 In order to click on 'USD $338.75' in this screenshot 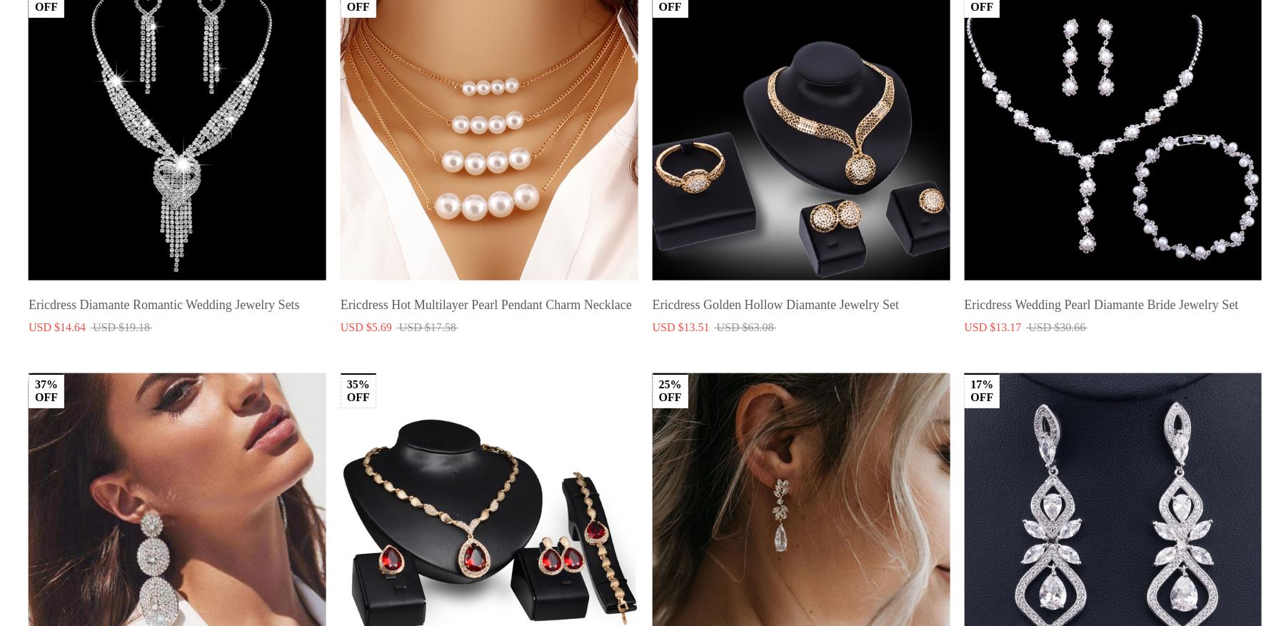, I will do `click(1065, 418)`.